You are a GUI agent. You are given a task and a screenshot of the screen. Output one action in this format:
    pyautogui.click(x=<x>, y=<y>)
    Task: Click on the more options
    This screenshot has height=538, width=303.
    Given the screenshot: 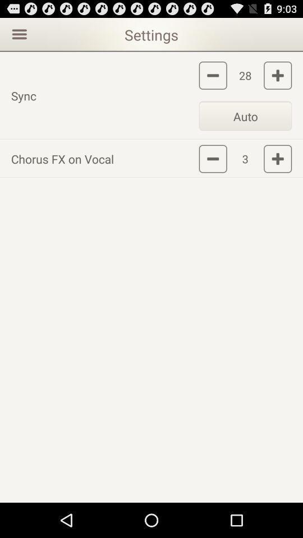 What is the action you would take?
    pyautogui.click(x=17, y=33)
    